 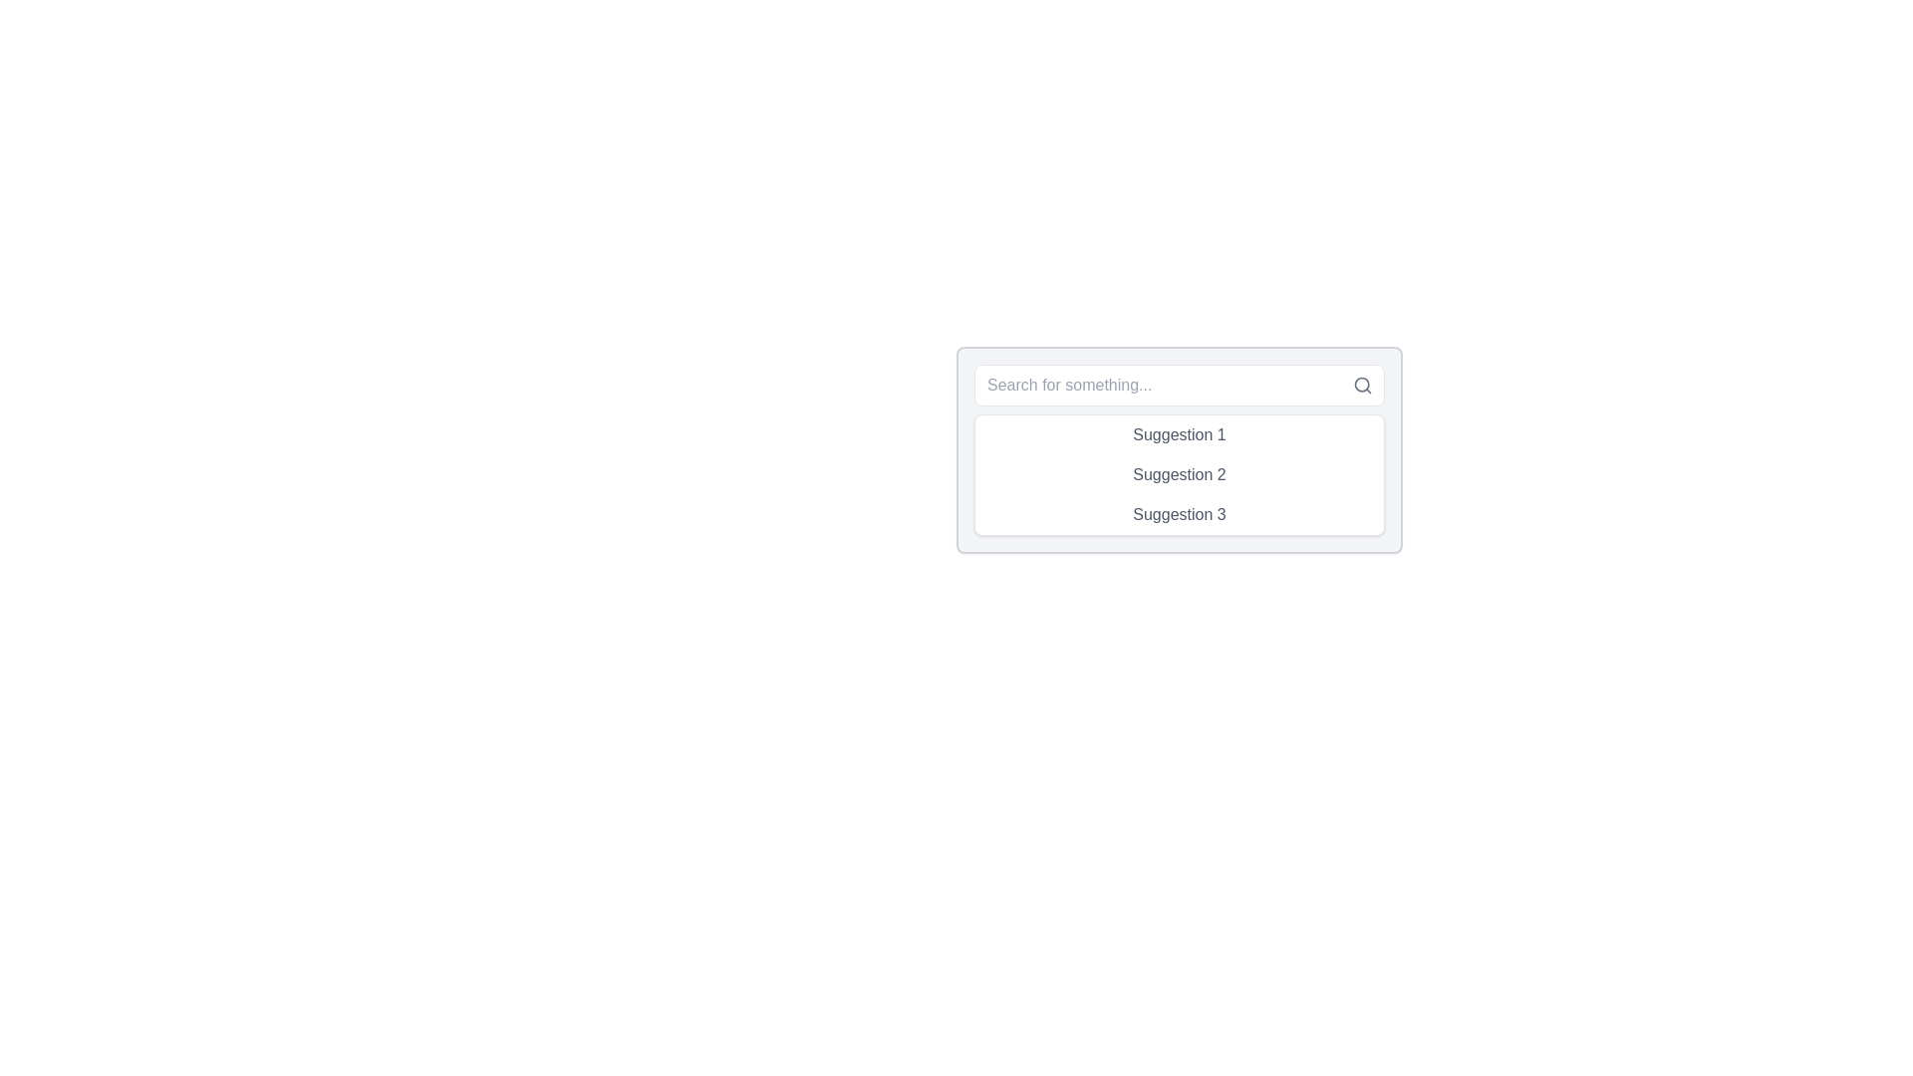 What do you see at coordinates (1361, 385) in the screenshot?
I see `the circular part of the magnifying glass icon located in the top-right corner of the search bar` at bounding box center [1361, 385].